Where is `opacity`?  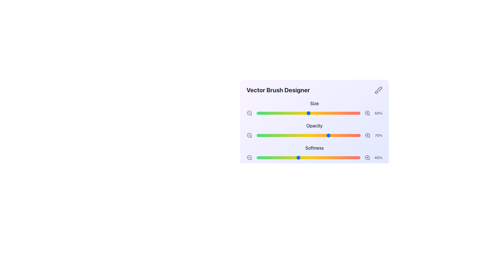
opacity is located at coordinates (267, 135).